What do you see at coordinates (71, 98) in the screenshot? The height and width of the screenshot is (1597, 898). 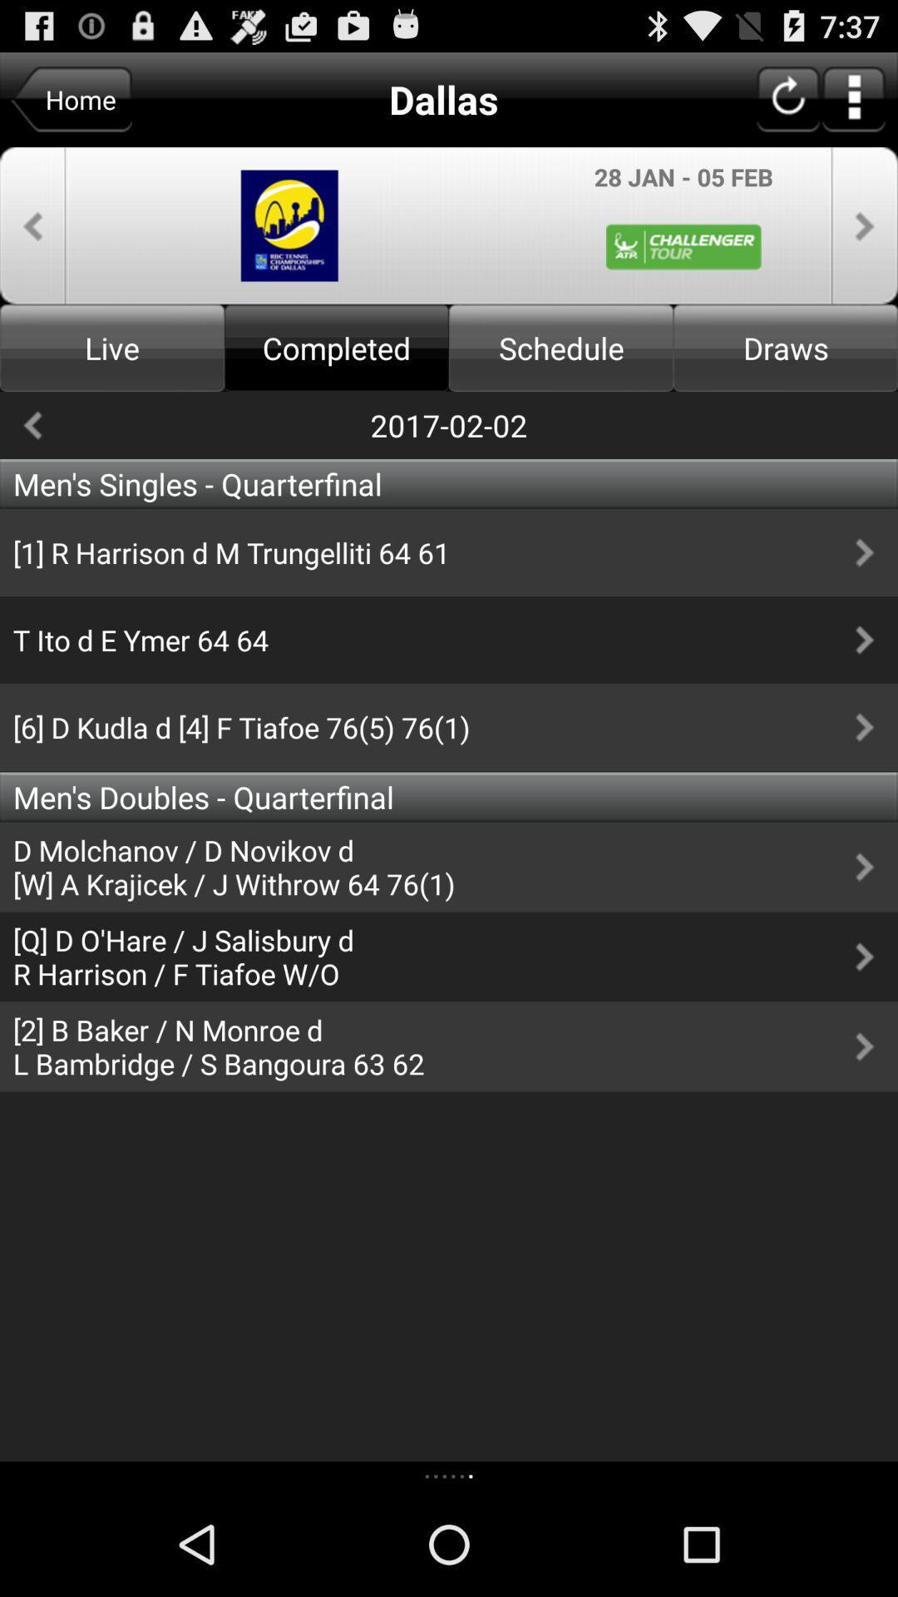 I see `the home button` at bounding box center [71, 98].